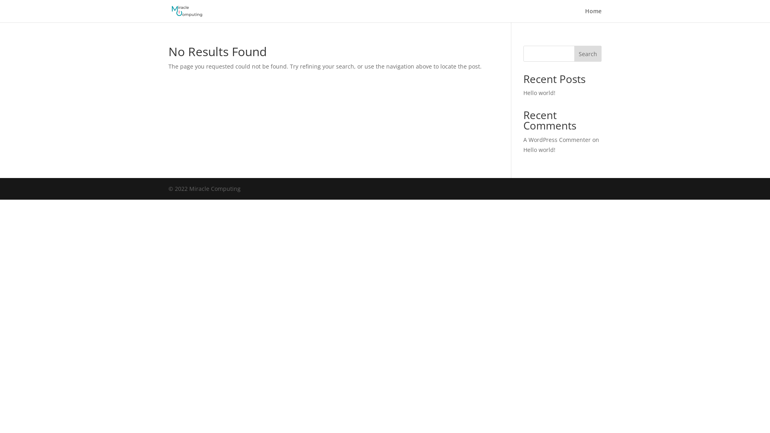 This screenshot has height=433, width=770. Describe the element at coordinates (588, 54) in the screenshot. I see `'Search'` at that location.